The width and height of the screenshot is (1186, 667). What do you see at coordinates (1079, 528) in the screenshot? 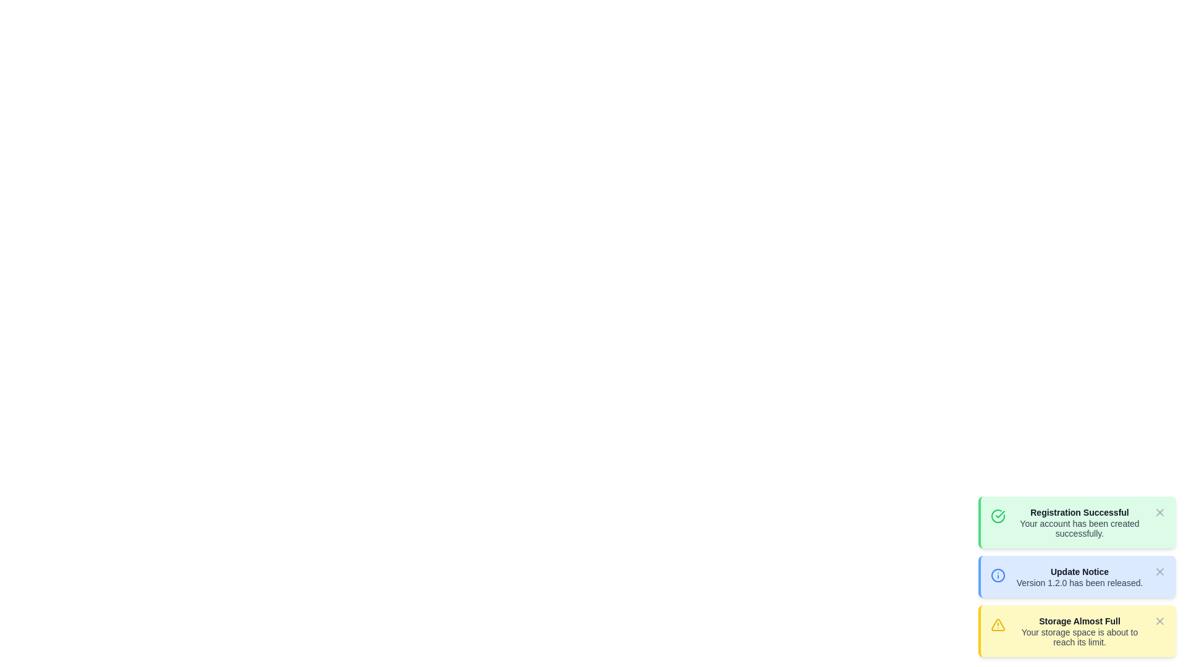
I see `the static confirmation message that informs the user their account creation was successful, located below the header 'Registration Successful' in a green notification box` at bounding box center [1079, 528].